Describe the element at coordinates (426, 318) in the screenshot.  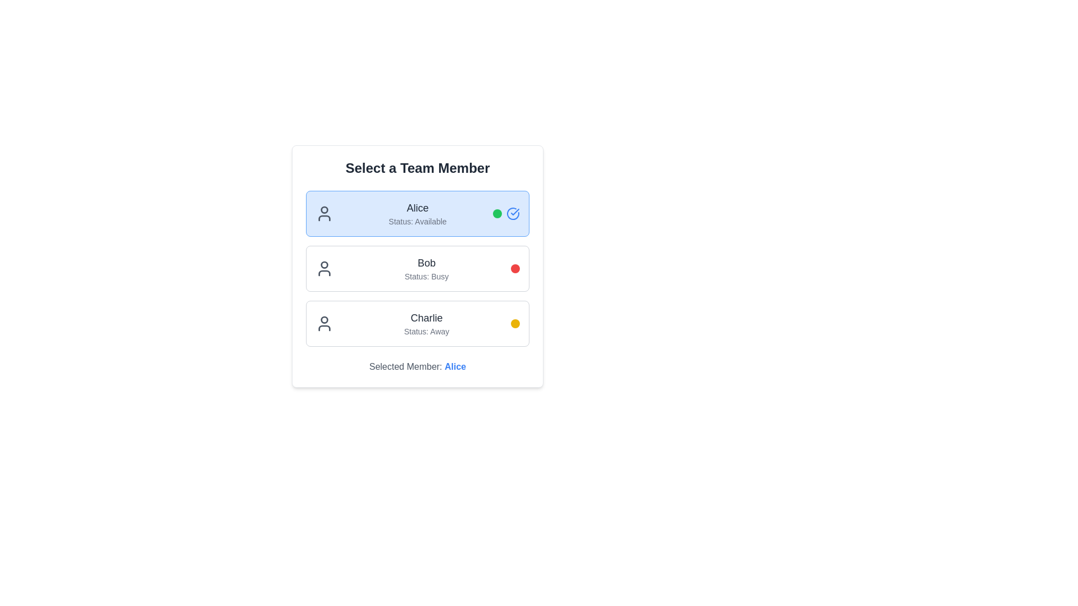
I see `the text label displaying 'Charlie'` at that location.